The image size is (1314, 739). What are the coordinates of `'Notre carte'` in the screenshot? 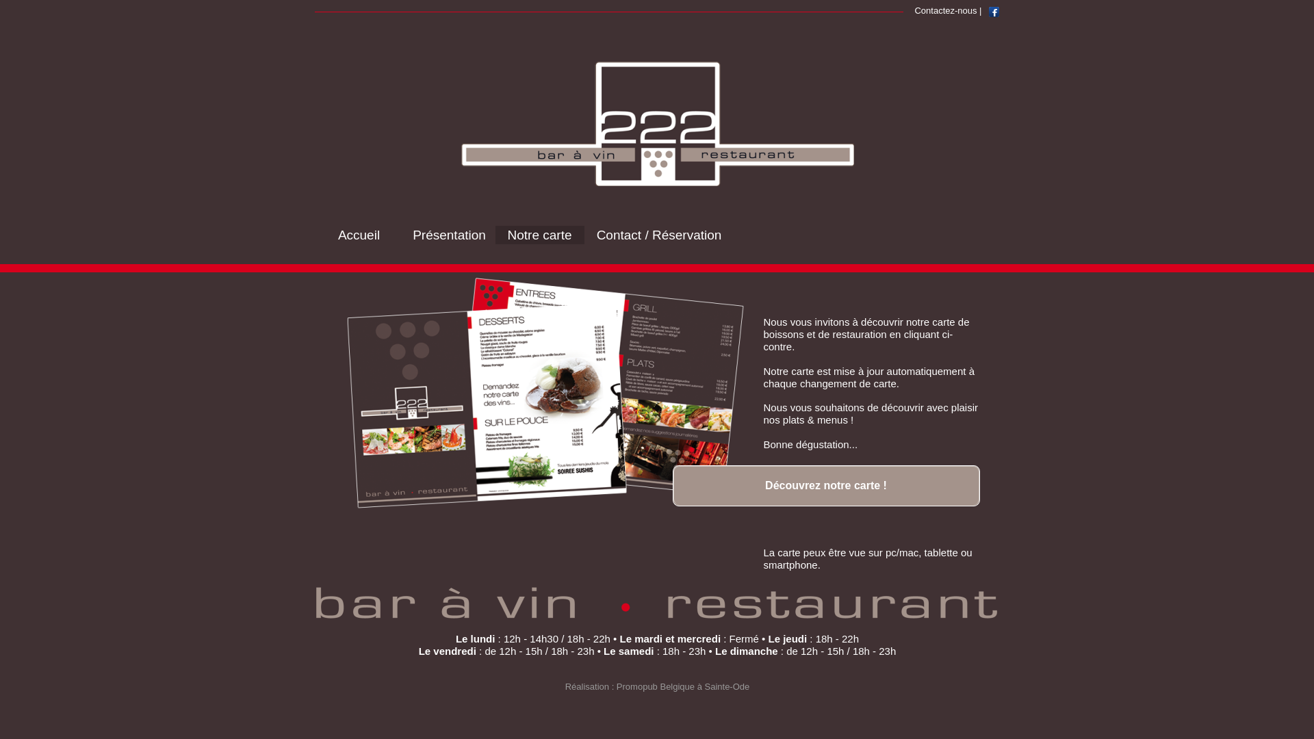 It's located at (539, 233).